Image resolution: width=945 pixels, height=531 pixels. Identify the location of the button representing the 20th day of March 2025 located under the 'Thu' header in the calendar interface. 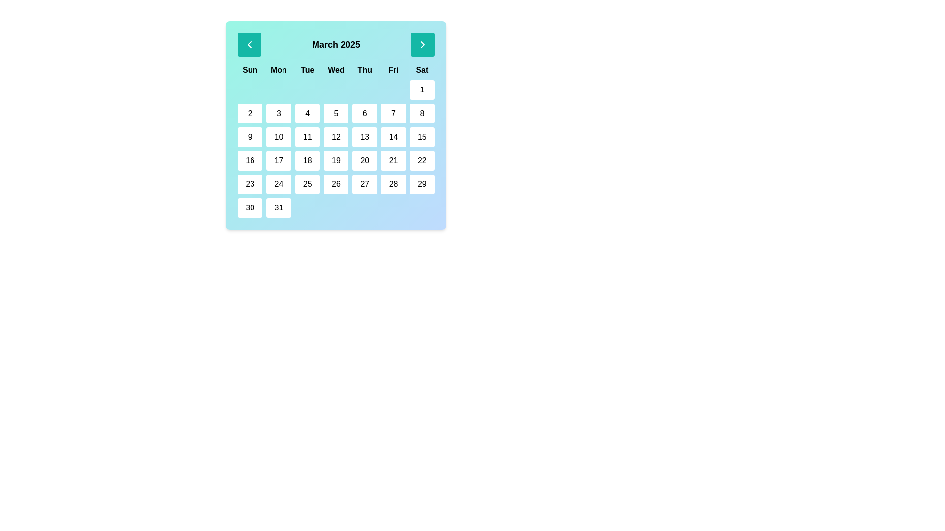
(364, 160).